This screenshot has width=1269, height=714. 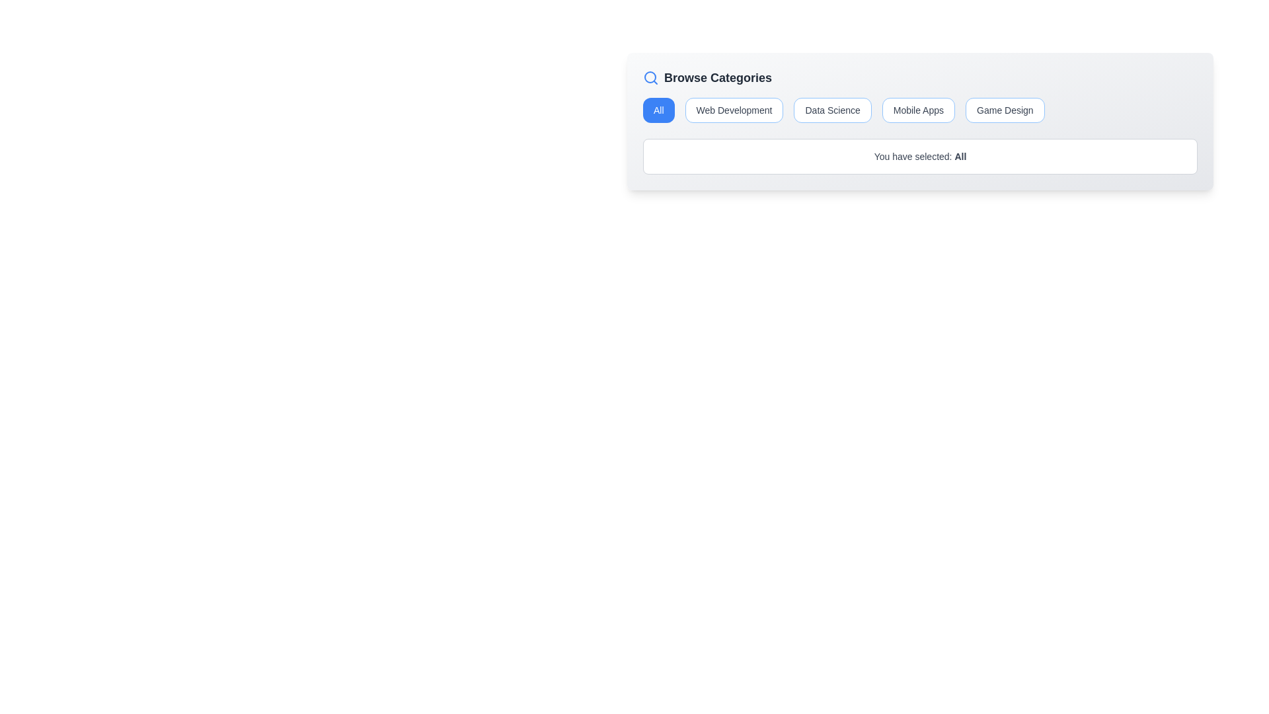 I want to click on the rounded rectangular button labeled 'All' with a blue background, so click(x=658, y=109).